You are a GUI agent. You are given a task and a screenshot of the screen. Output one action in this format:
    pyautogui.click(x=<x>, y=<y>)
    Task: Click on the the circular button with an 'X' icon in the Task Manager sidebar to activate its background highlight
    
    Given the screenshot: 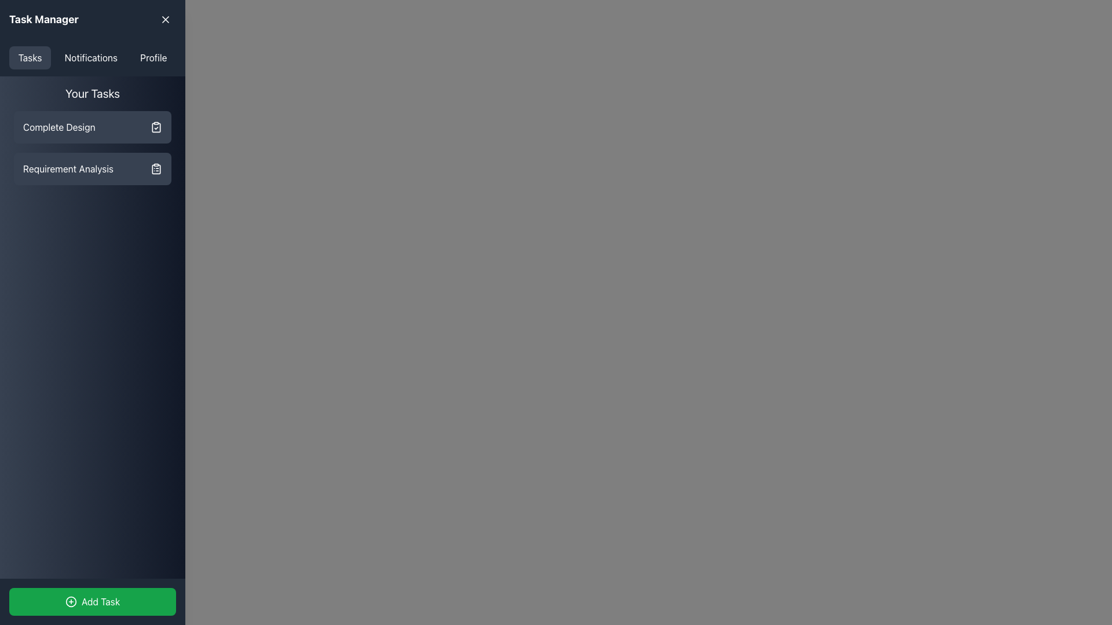 What is the action you would take?
    pyautogui.click(x=165, y=20)
    